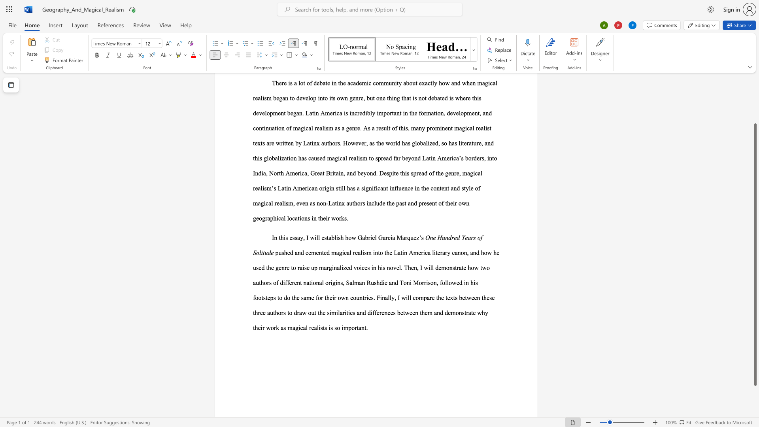 The width and height of the screenshot is (759, 427). What do you see at coordinates (755, 94) in the screenshot?
I see `the right-hand scrollbar to ascend the page` at bounding box center [755, 94].